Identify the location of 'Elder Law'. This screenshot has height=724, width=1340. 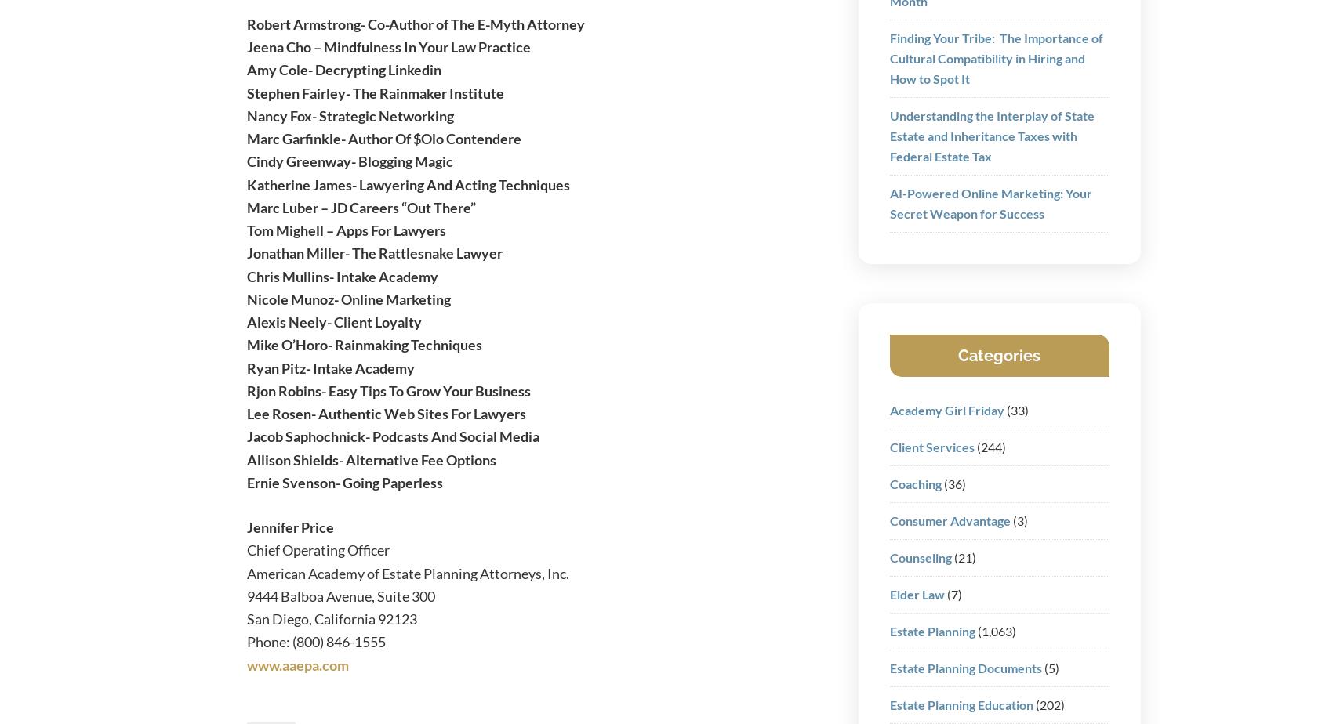
(916, 593).